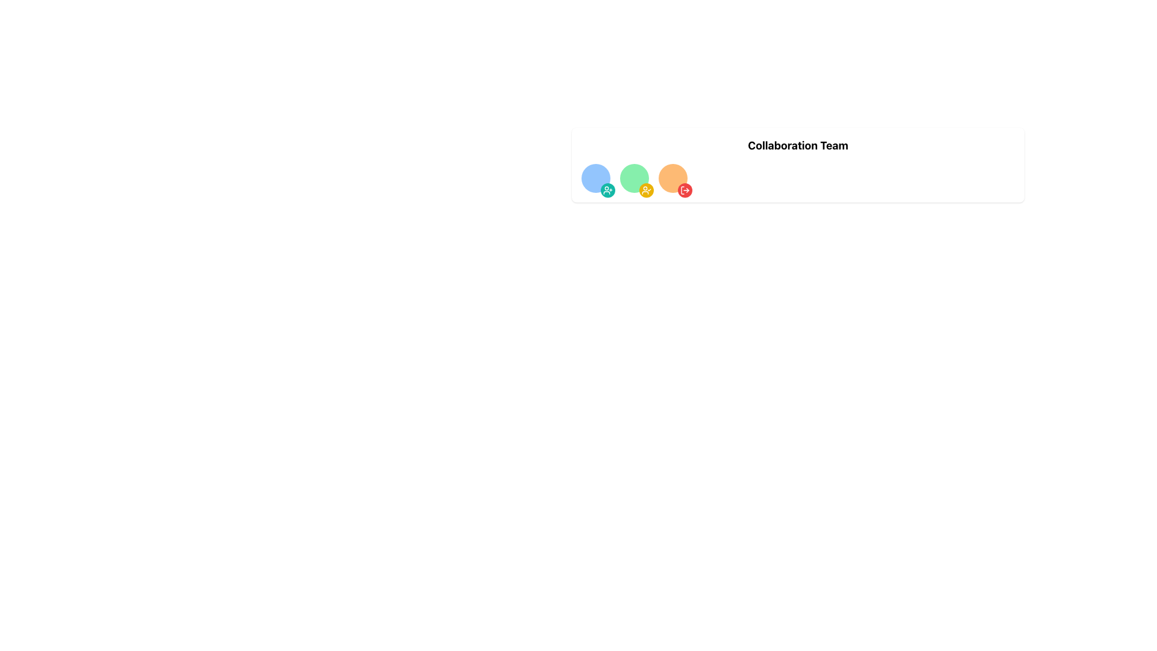 The image size is (1157, 651). I want to click on the log-out icon, which is a red circular graphic with a white arrow pointing right, located at the bottom right of the orange circular user avatar in the Collaboration Team section, so click(685, 190).